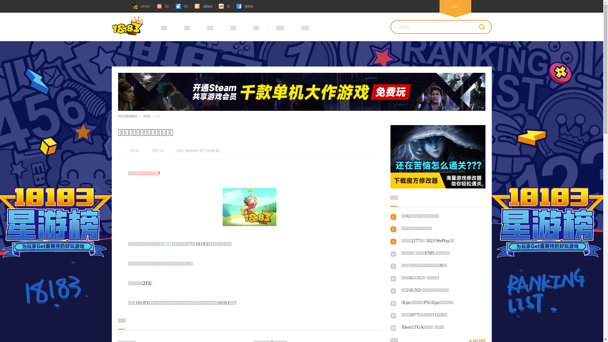 Image resolution: width=608 pixels, height=342 pixels. I want to click on '18183', so click(141, 6).